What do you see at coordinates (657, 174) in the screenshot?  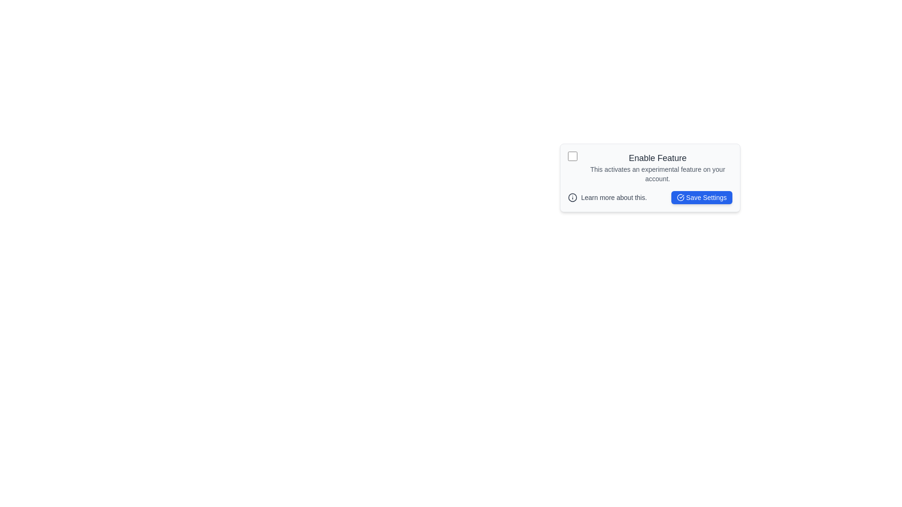 I see `information provided by the text label located to the right of the checkbox and below the 'Enable Feature' text` at bounding box center [657, 174].